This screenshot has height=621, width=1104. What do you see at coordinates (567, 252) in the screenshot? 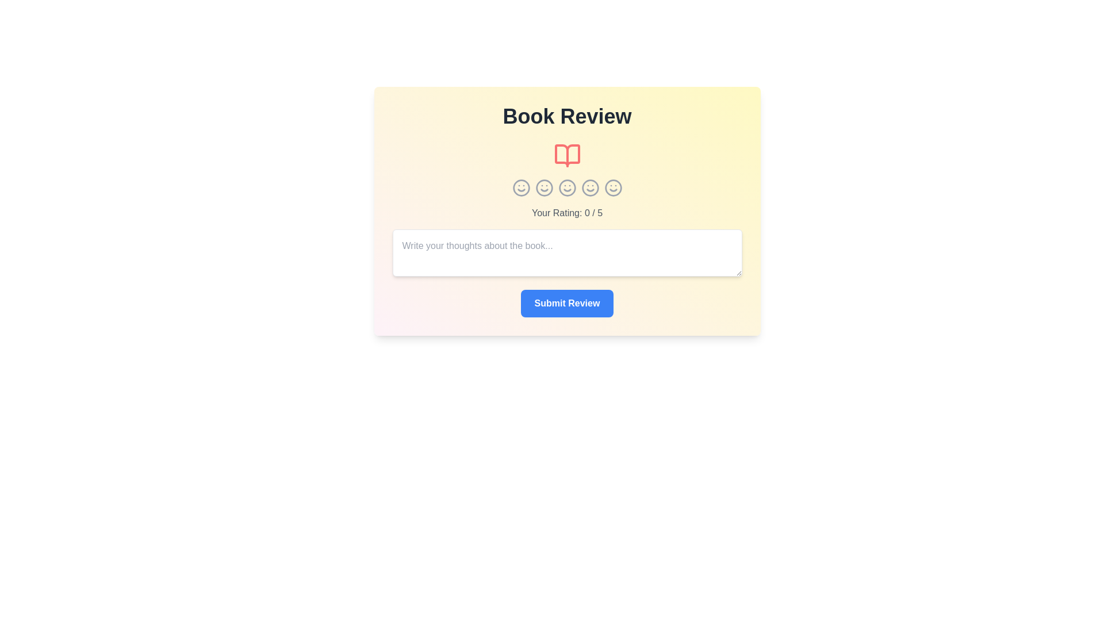
I see `the input text area to focus and enable typing` at bounding box center [567, 252].